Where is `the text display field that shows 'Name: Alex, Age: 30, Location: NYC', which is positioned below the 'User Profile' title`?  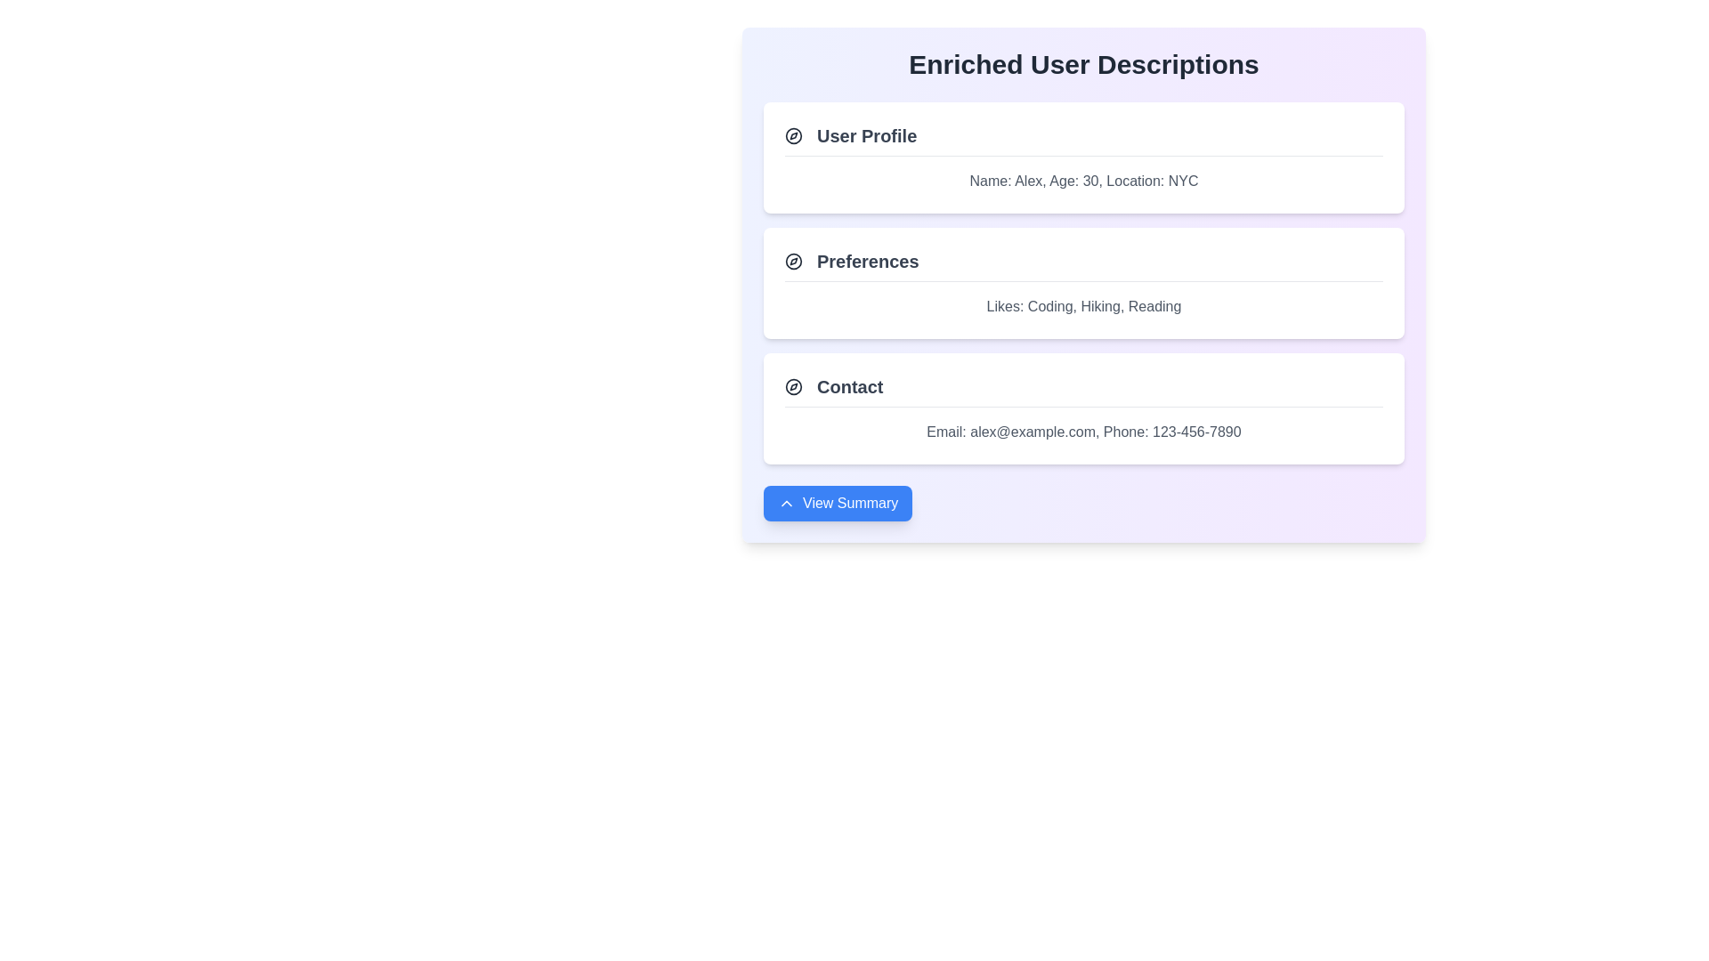 the text display field that shows 'Name: Alex, Age: 30, Location: NYC', which is positioned below the 'User Profile' title is located at coordinates (1083, 174).